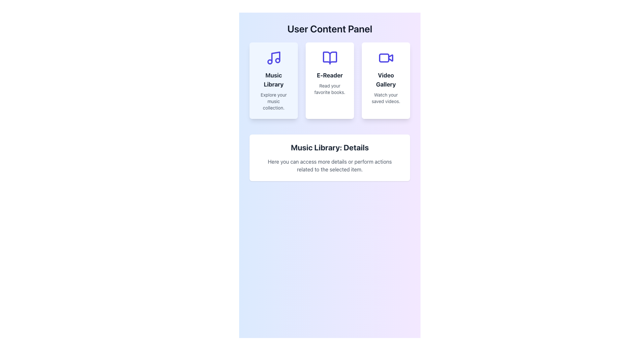  What do you see at coordinates (330, 57) in the screenshot?
I see `the E-Reader icon located at the top of the middle card in a row of three cards, which visually represents the 'E-Reader' feature` at bounding box center [330, 57].